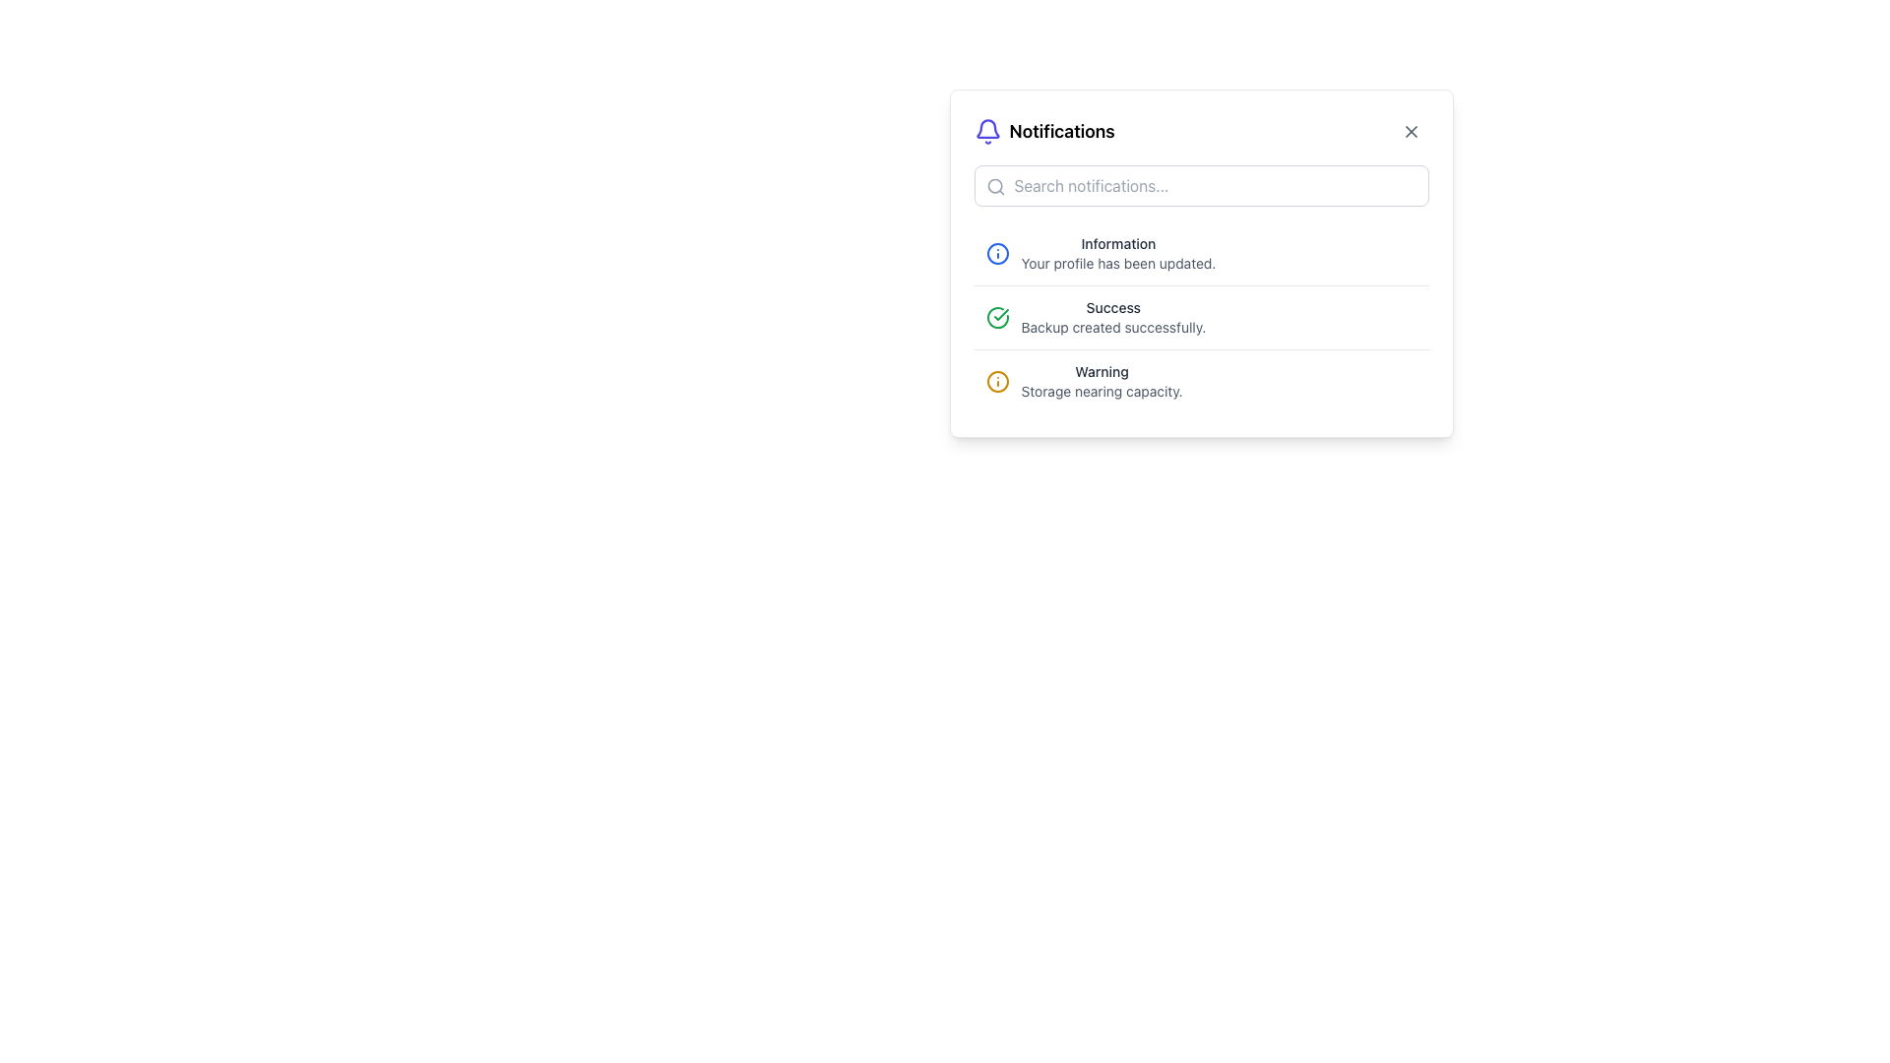  Describe the element at coordinates (997, 253) in the screenshot. I see `the information icon located at the very left of the first notification entry under the 'Notifications' section, which serves as a visual indicator of an information-related message` at that location.